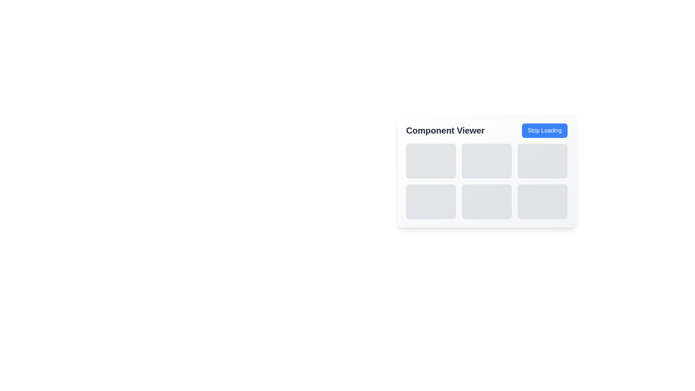  Describe the element at coordinates (431, 201) in the screenshot. I see `the static block or placeholder, which is a rectangular block with rounded corners and a light gray background, located in the second row of a 3-column grid layout` at that location.